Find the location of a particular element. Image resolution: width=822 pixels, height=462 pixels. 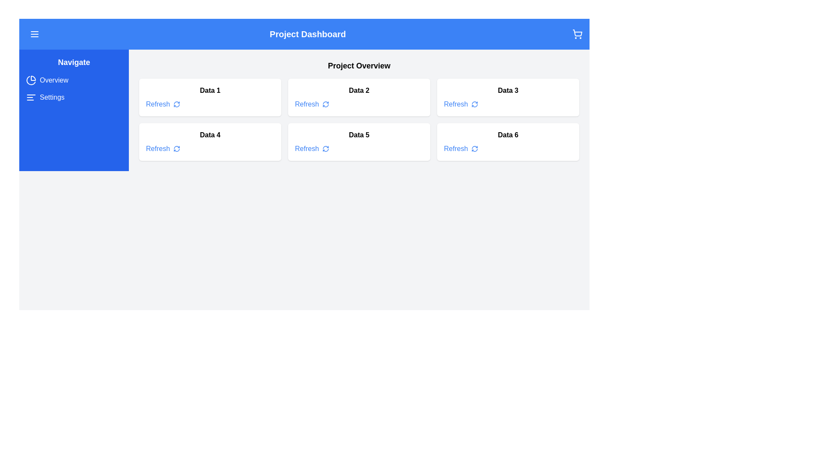

the SVG refresh icon located within the 'Refresh' link for the 'Data 3' section, positioned to the right of the 'Refresh' text is located at coordinates (474, 104).